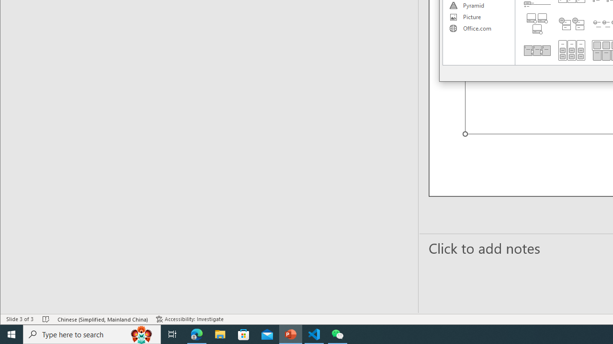 This screenshot has height=344, width=613. Describe the element at coordinates (92, 333) in the screenshot. I see `'Type here to search'` at that location.